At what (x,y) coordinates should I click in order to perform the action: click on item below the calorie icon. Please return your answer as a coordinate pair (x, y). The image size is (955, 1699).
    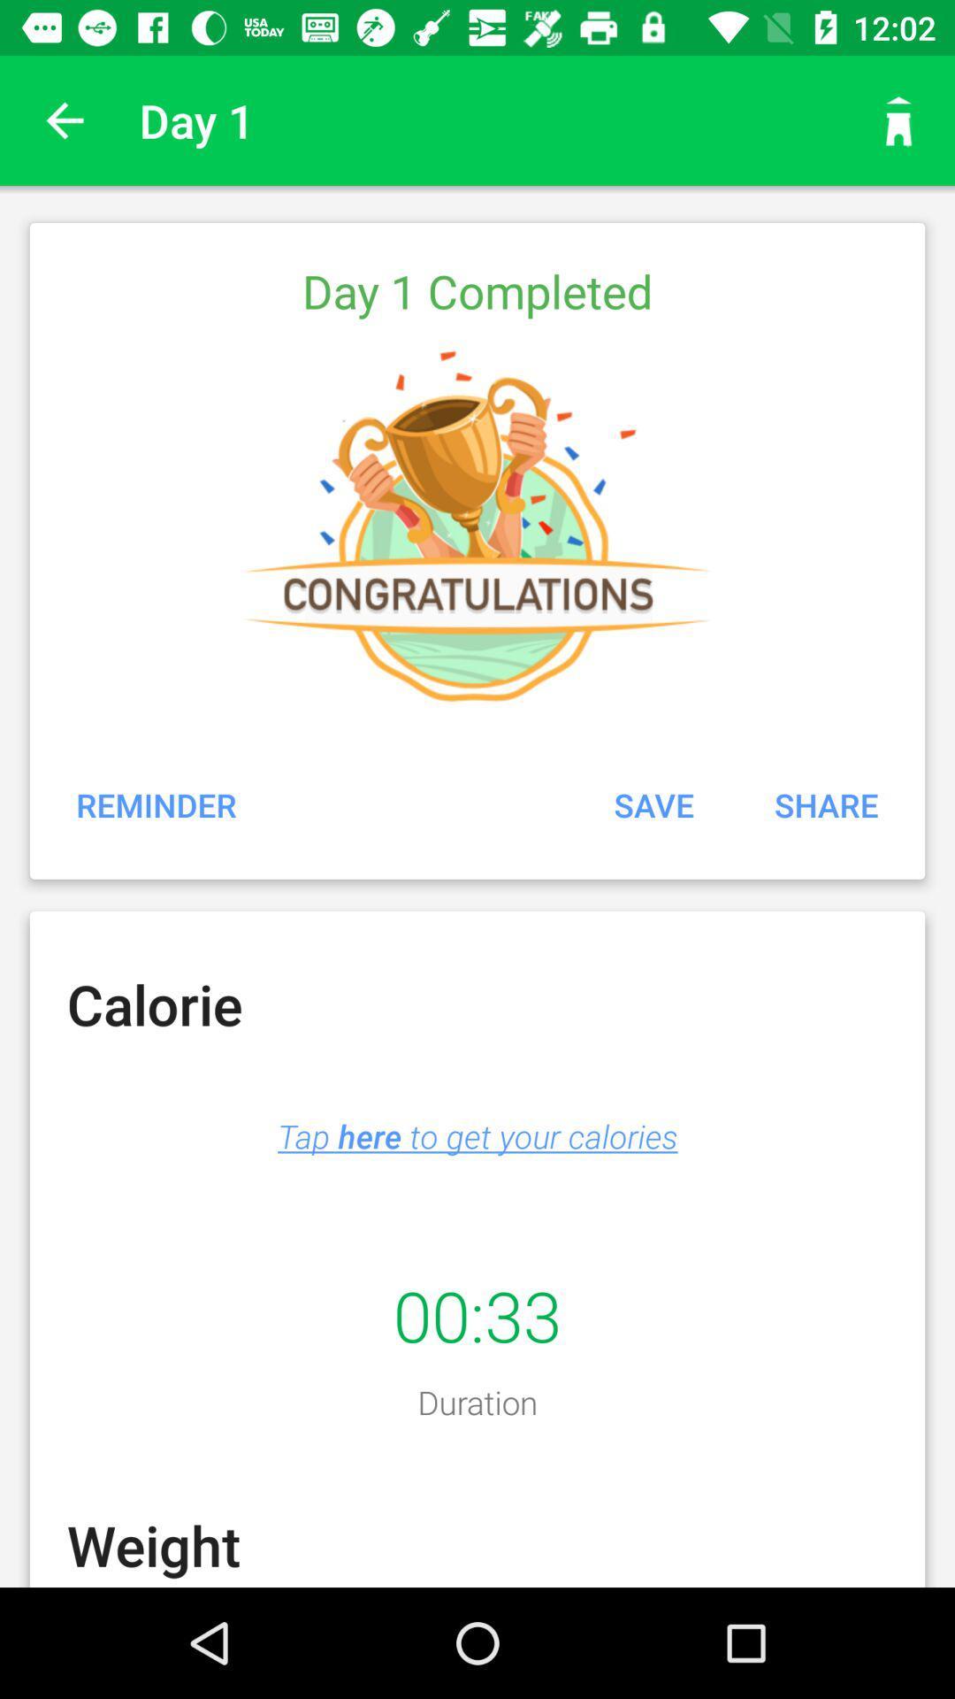
    Looking at the image, I should click on (477, 1136).